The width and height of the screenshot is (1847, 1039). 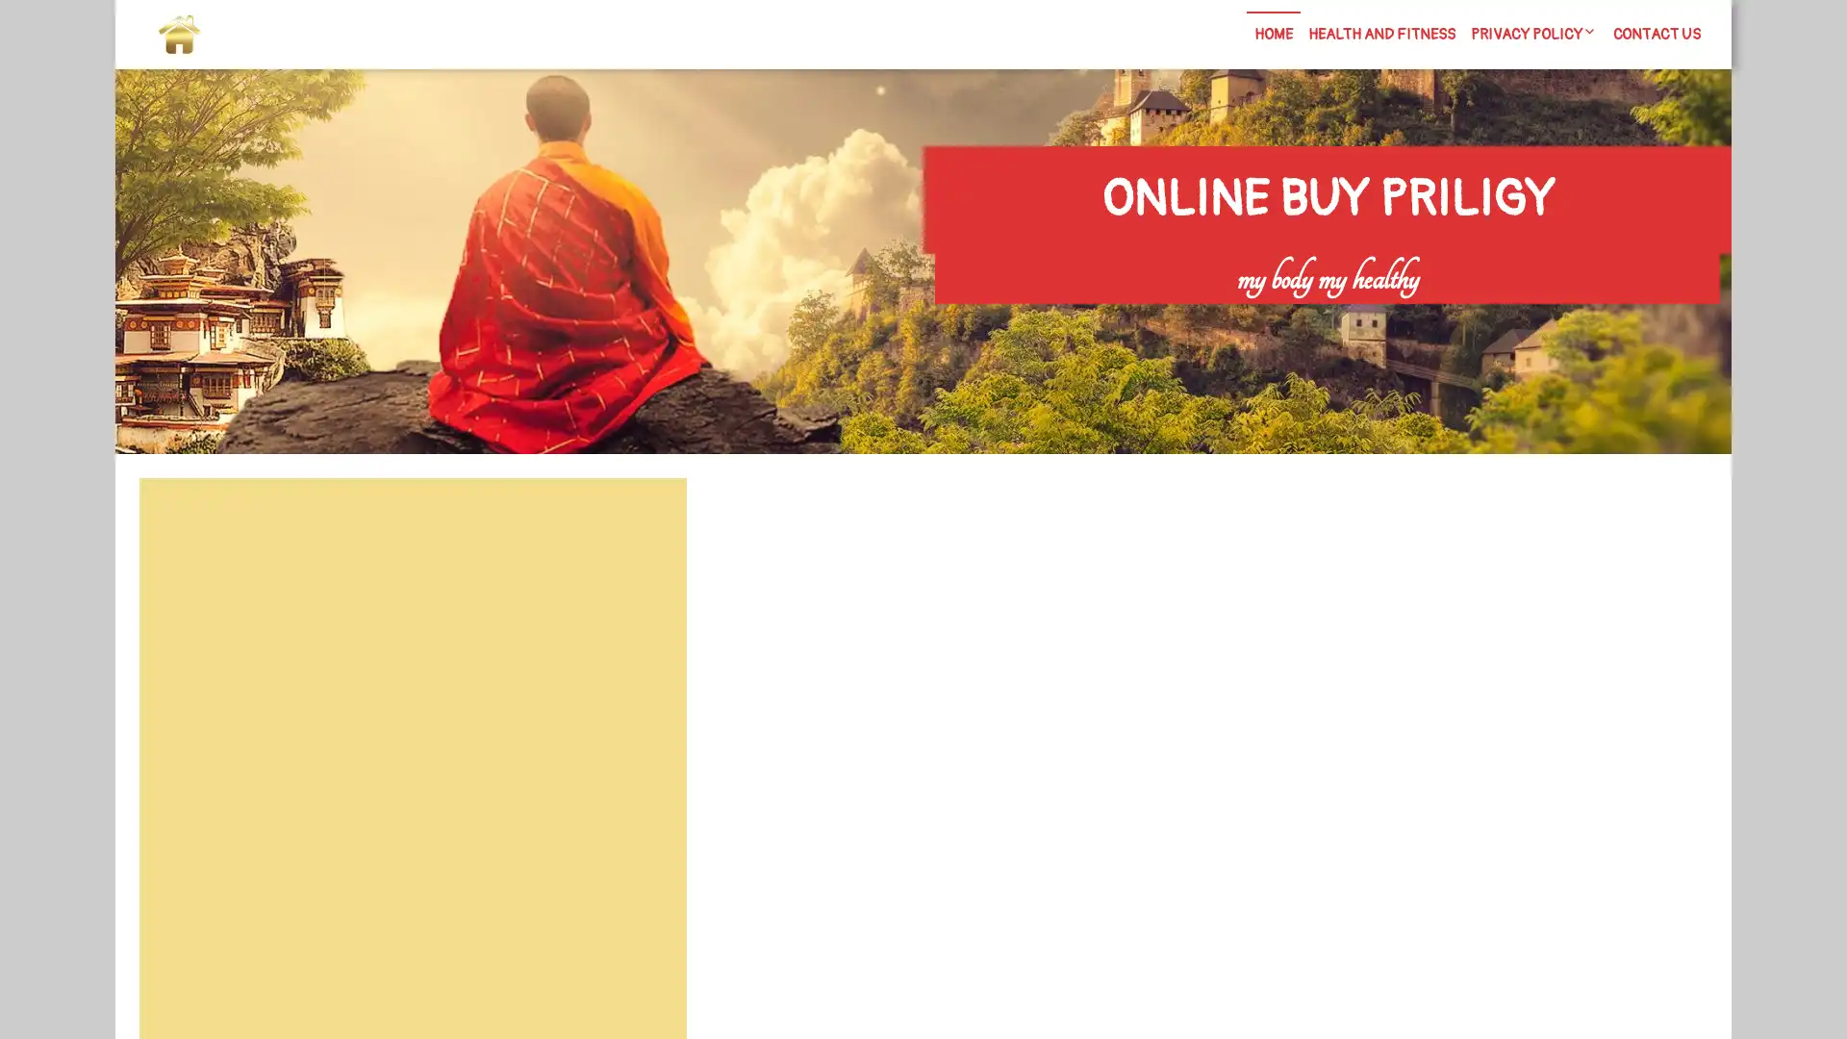 I want to click on Search, so click(x=642, y=524).